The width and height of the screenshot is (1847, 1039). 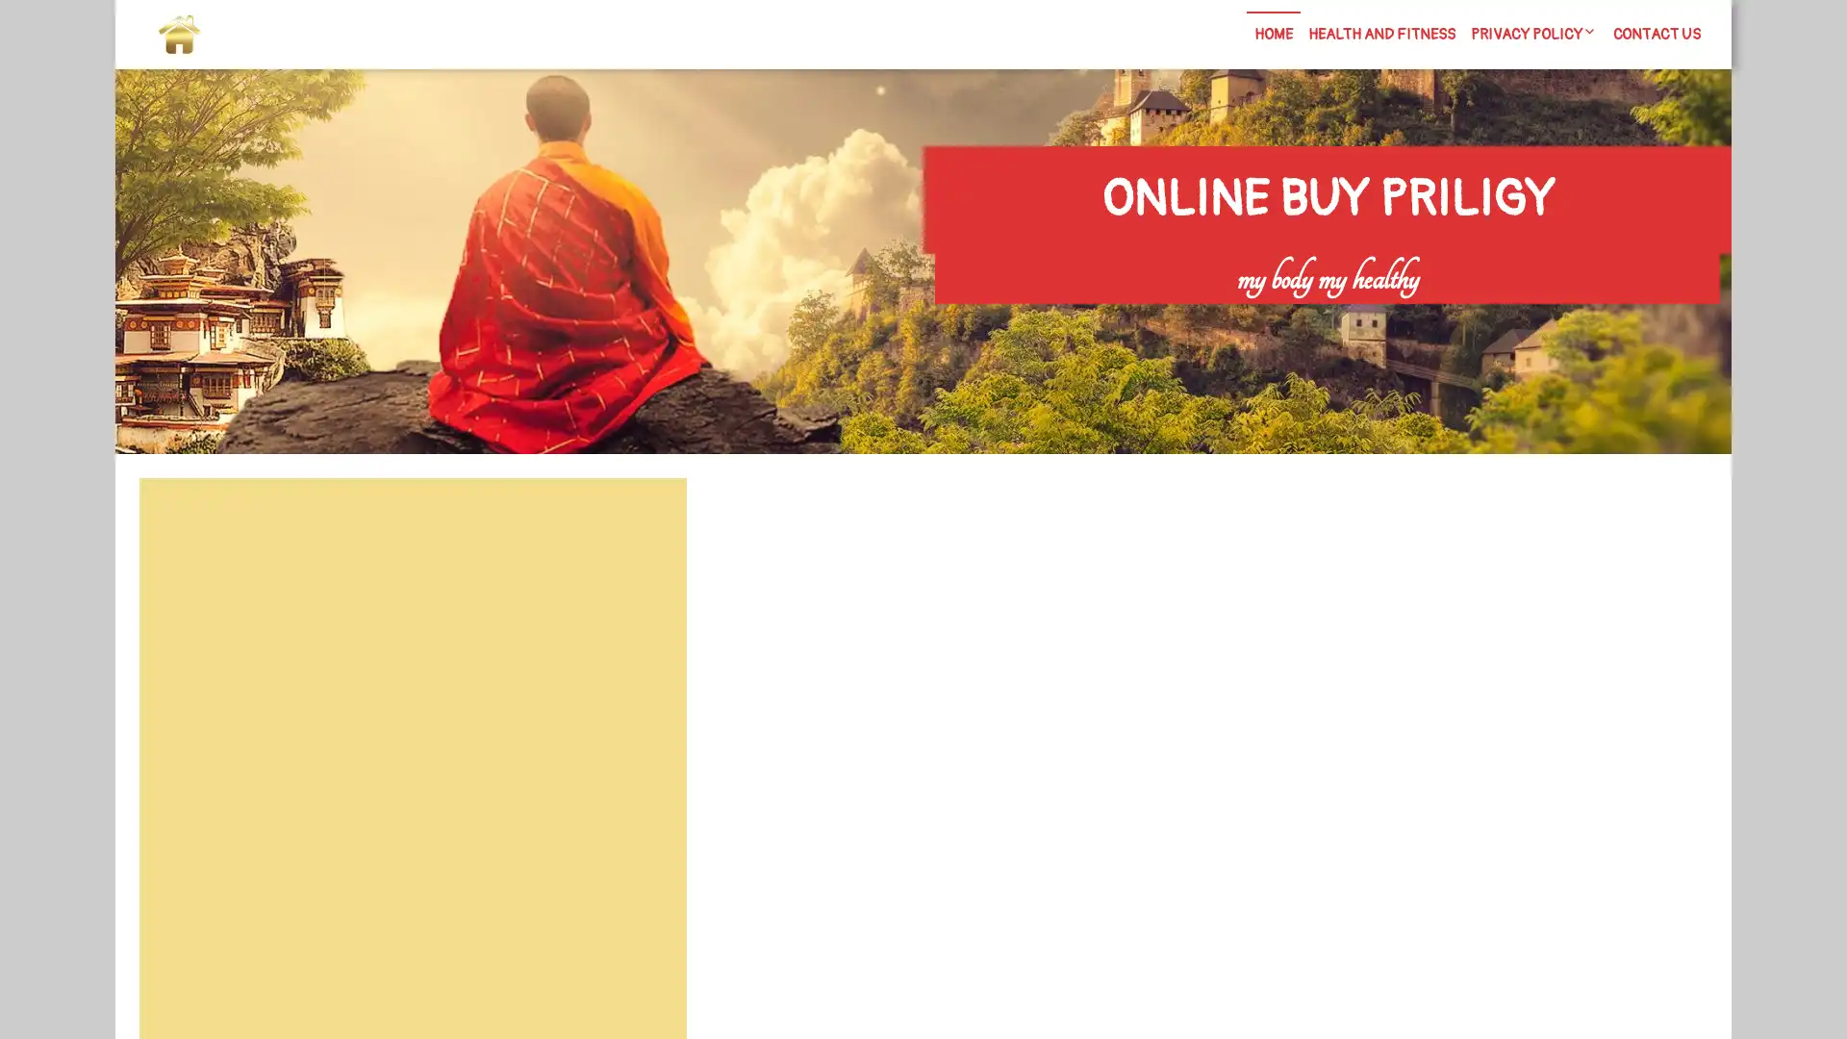 I want to click on Search, so click(x=642, y=524).